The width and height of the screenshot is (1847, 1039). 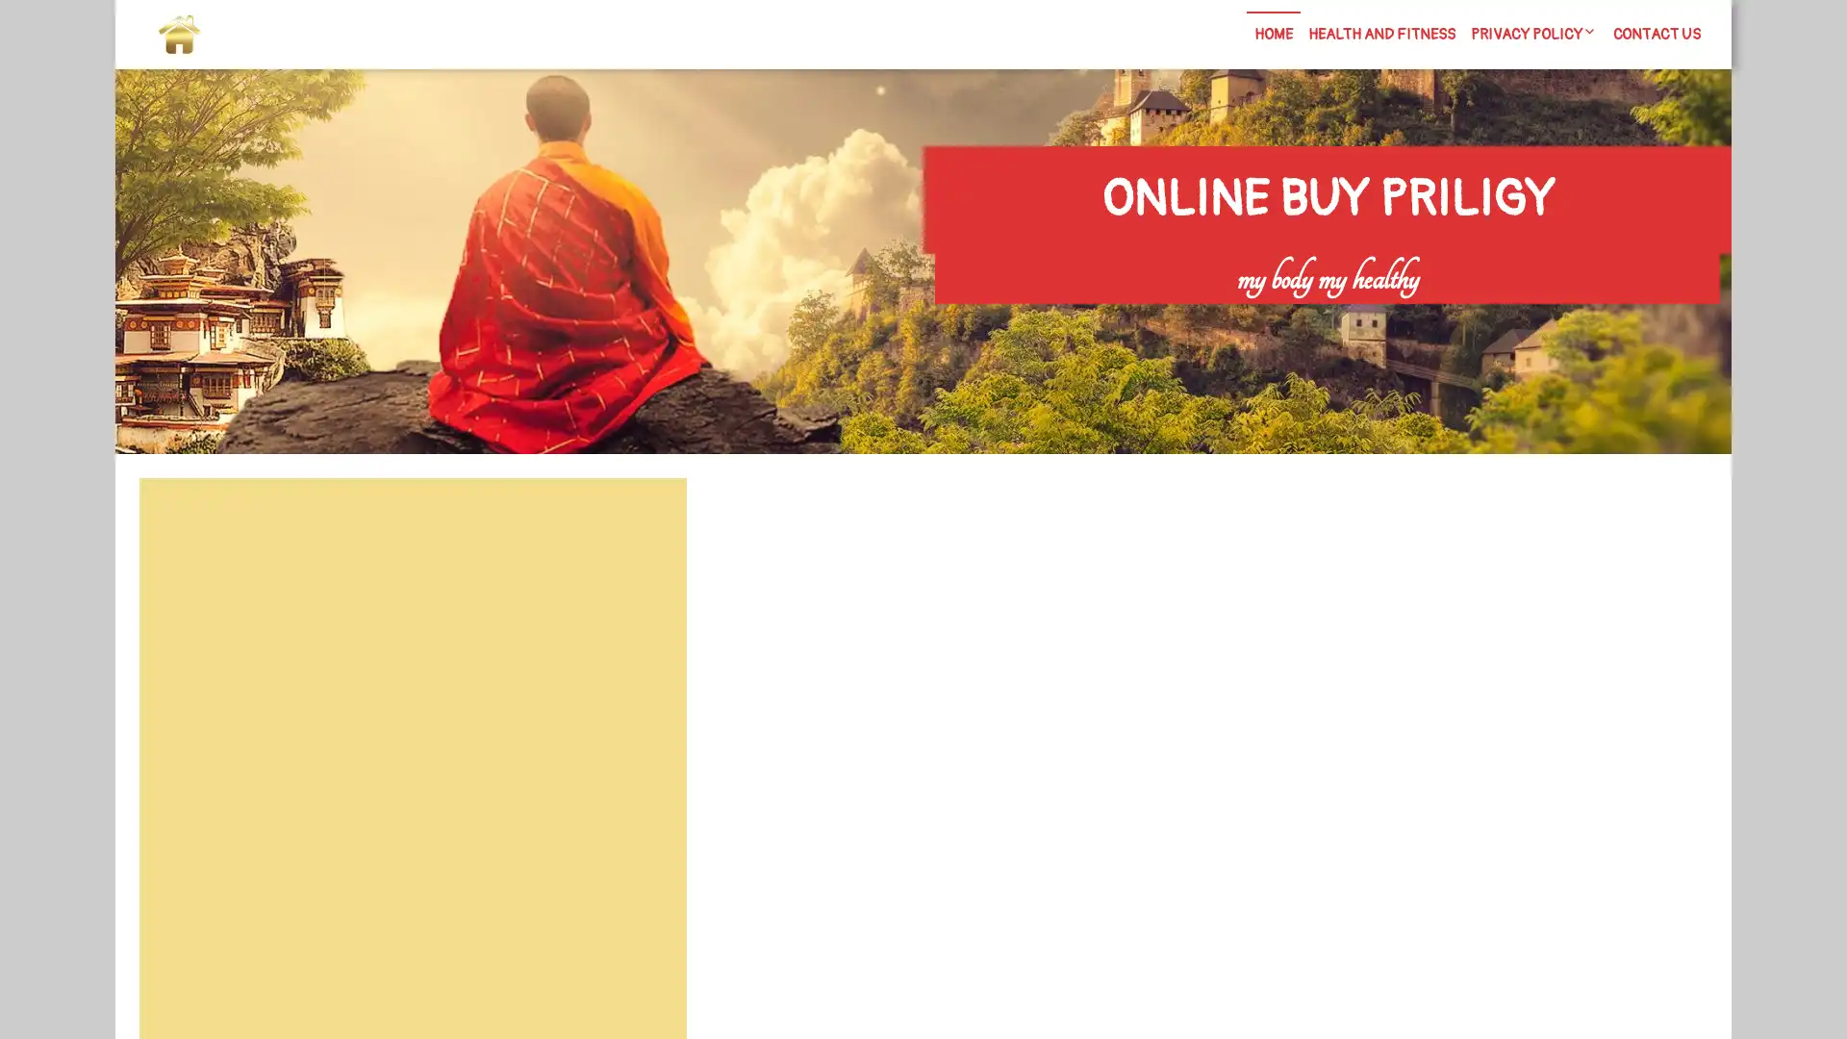 I want to click on Search, so click(x=642, y=524).